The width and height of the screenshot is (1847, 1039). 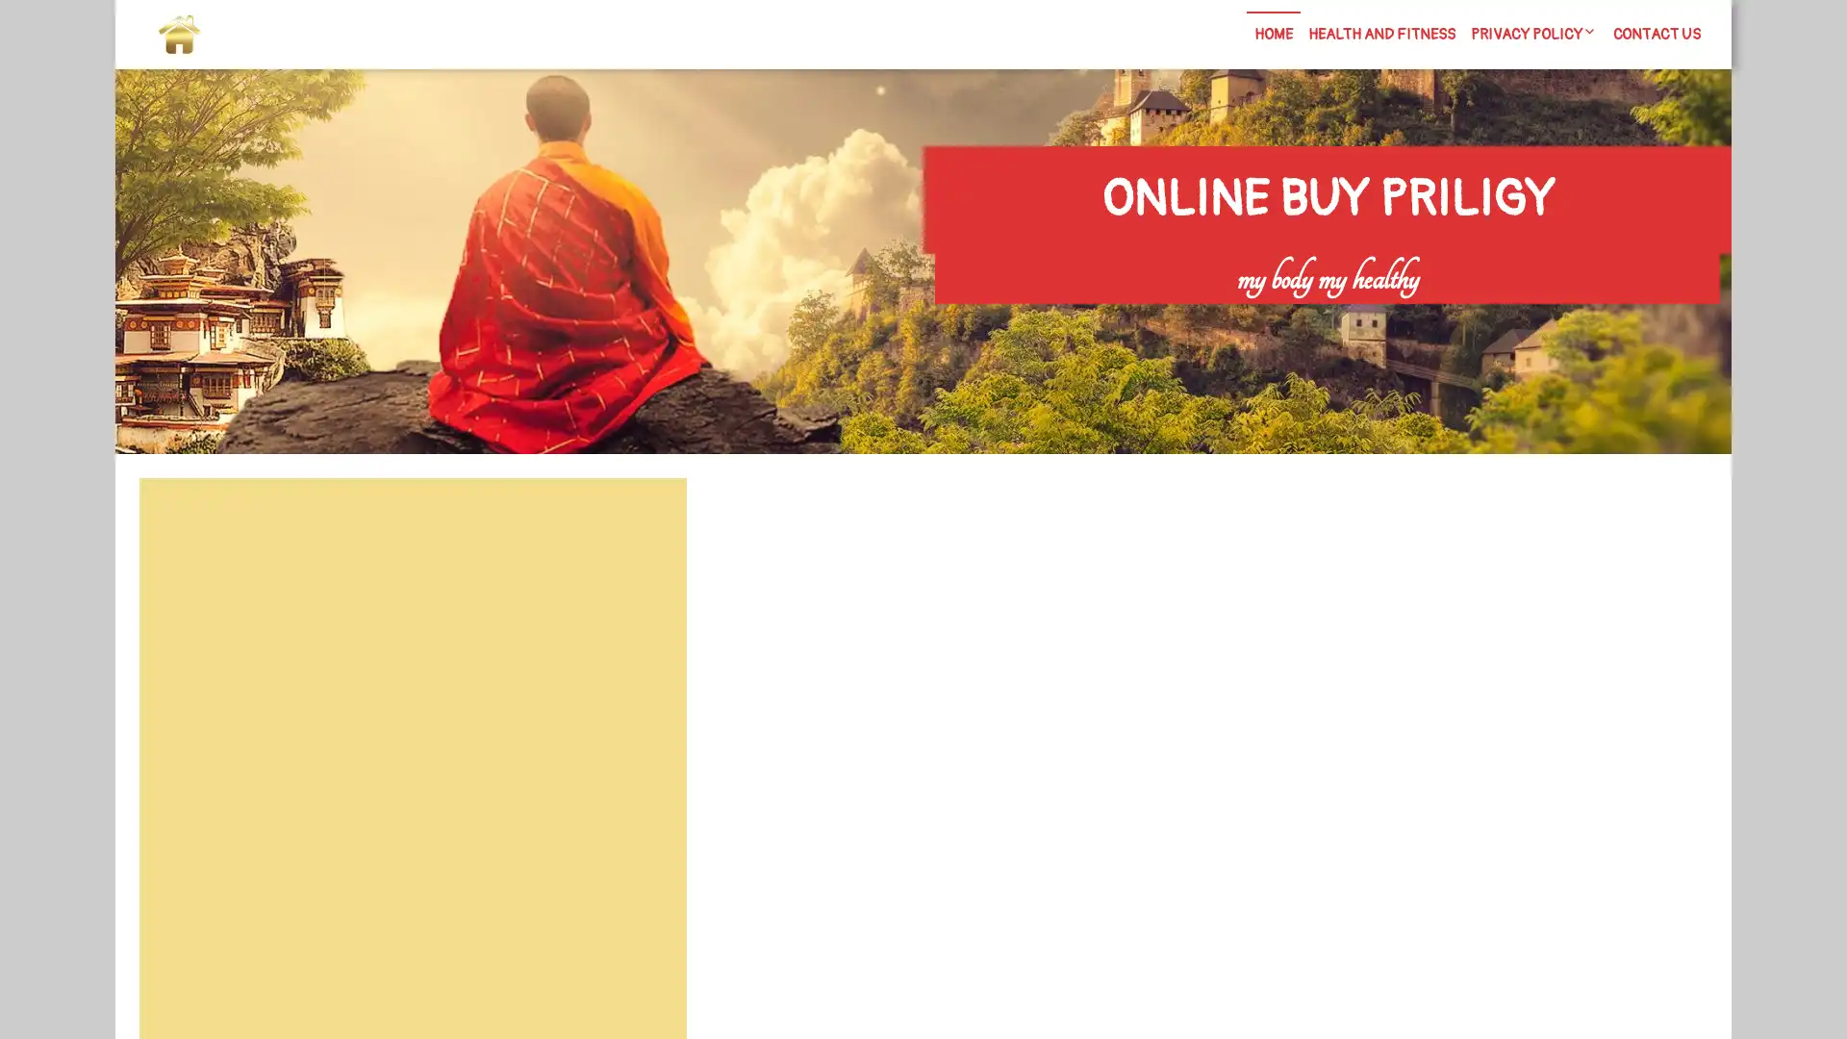 I want to click on Search, so click(x=642, y=524).